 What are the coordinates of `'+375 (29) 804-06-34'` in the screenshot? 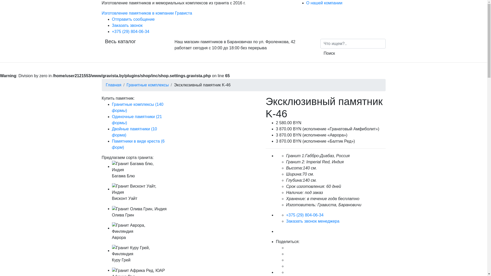 It's located at (305, 215).